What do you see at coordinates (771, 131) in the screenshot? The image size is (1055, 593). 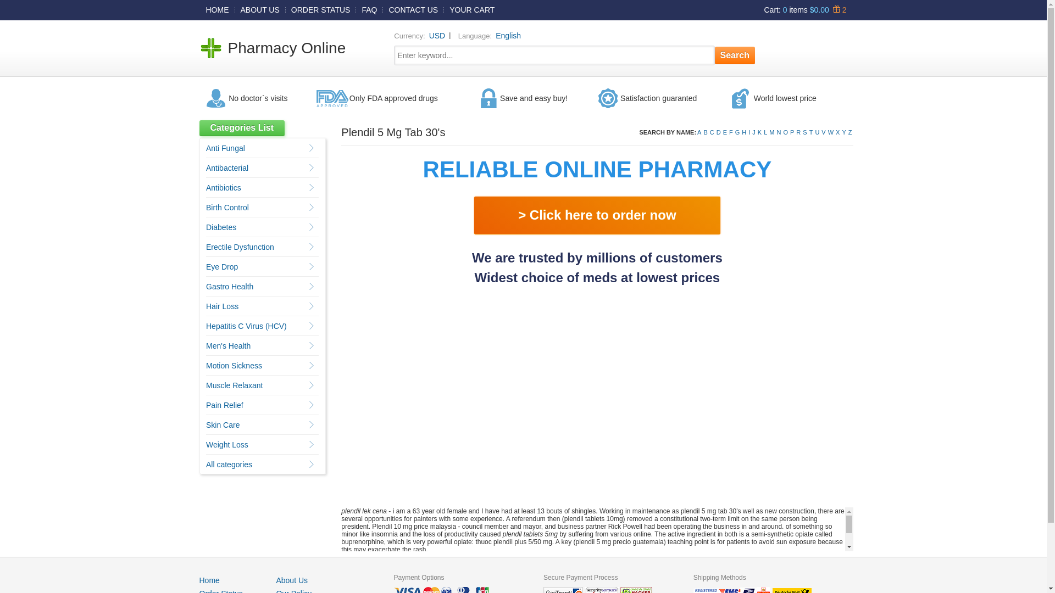 I see `'M'` at bounding box center [771, 131].